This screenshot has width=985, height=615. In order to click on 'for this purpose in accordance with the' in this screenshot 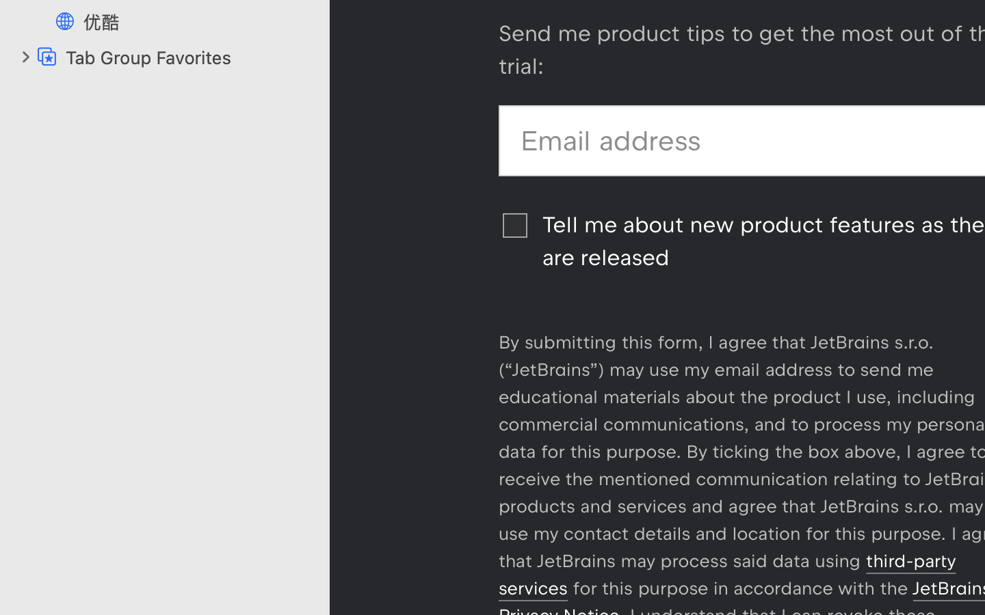, I will do `click(740, 588)`.